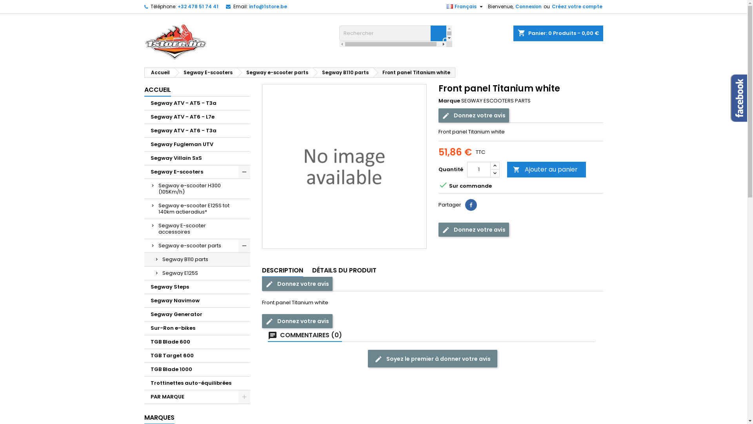 This screenshot has width=753, height=424. I want to click on 'Donnez votre avis', so click(473, 115).